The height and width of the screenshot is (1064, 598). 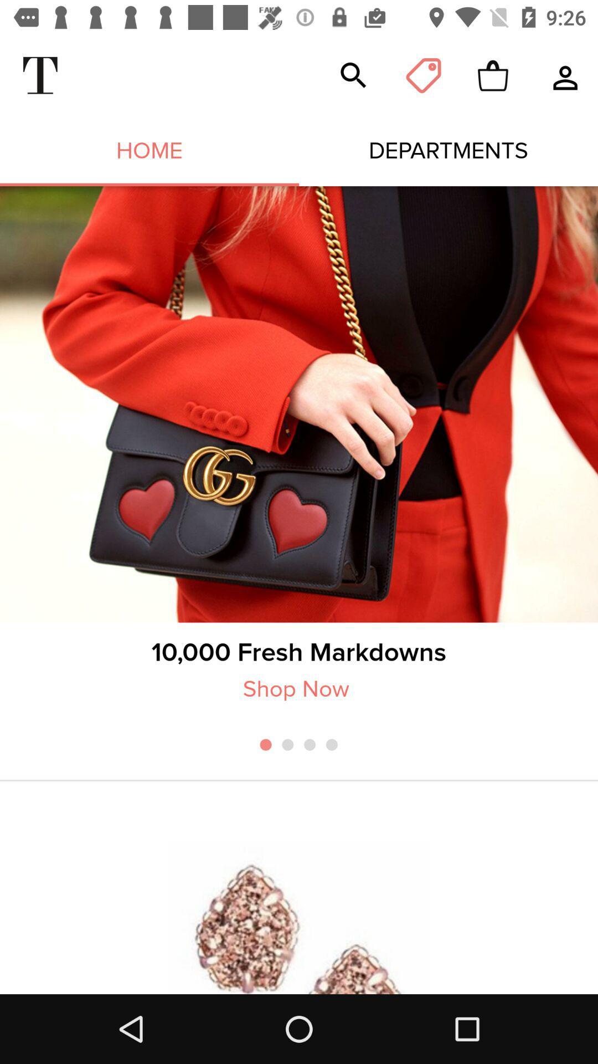 I want to click on second image, so click(x=299, y=917).